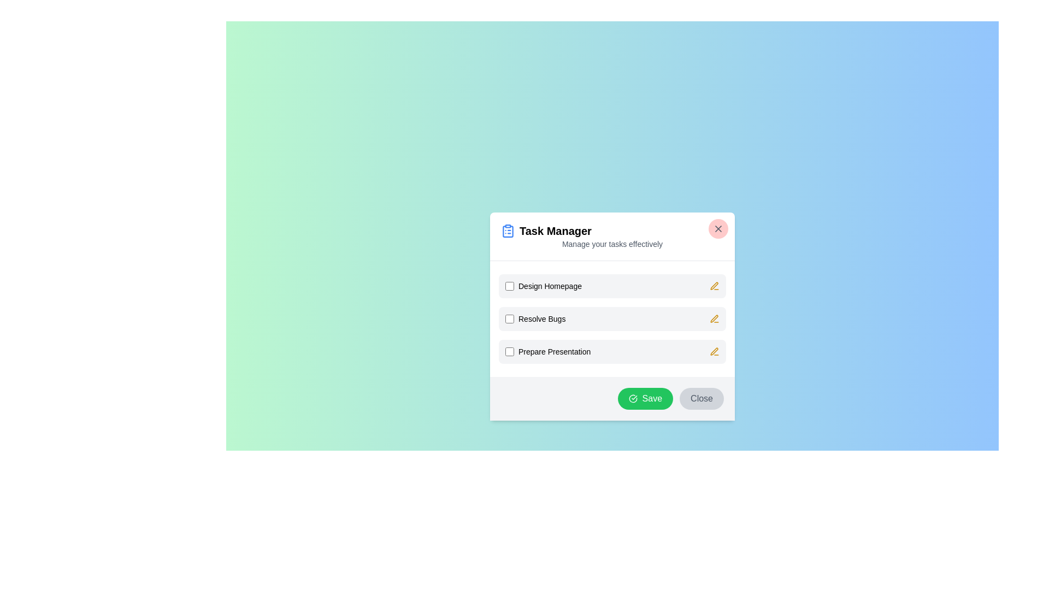 The width and height of the screenshot is (1049, 590). What do you see at coordinates (645, 398) in the screenshot?
I see `the green 'Save' button with rounded corners that has white text and a checkmark icon to observe the hover effect` at bounding box center [645, 398].